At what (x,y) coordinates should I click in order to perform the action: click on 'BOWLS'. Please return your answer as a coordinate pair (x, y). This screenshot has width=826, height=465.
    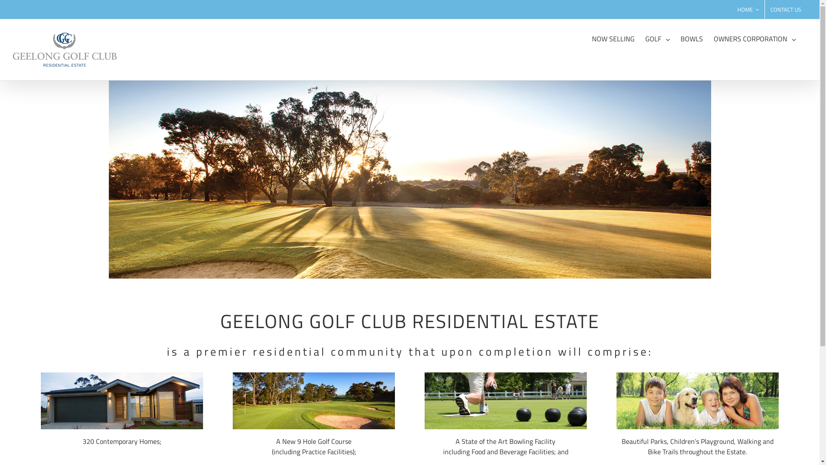
    Looking at the image, I should click on (692, 37).